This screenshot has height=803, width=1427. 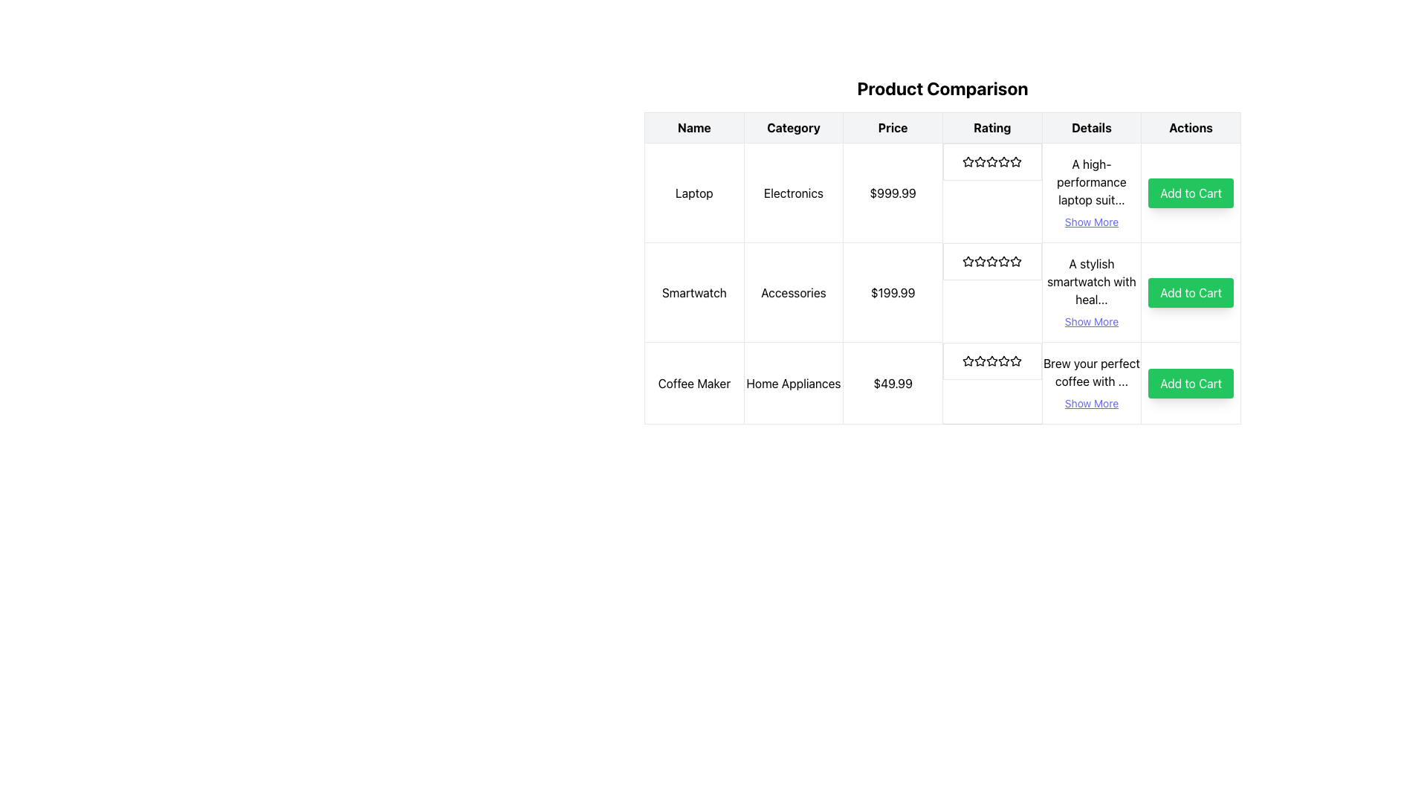 I want to click on the third star icon in the 'Rating' column of the first row of the product comparison table, so click(x=980, y=162).